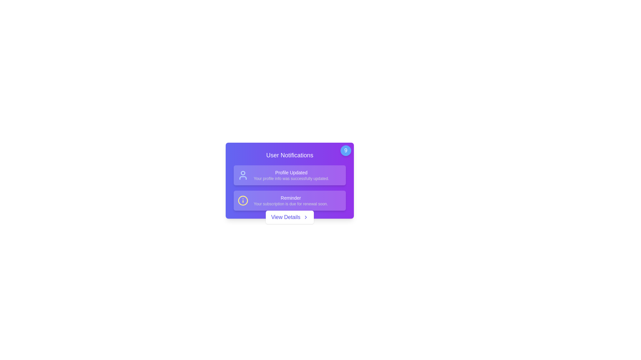 This screenshot has width=641, height=360. What do you see at coordinates (291, 175) in the screenshot?
I see `feedback message displayed in the Text Block located within the purple notification card, which is positioned centrally below 'User Notifications'` at bounding box center [291, 175].